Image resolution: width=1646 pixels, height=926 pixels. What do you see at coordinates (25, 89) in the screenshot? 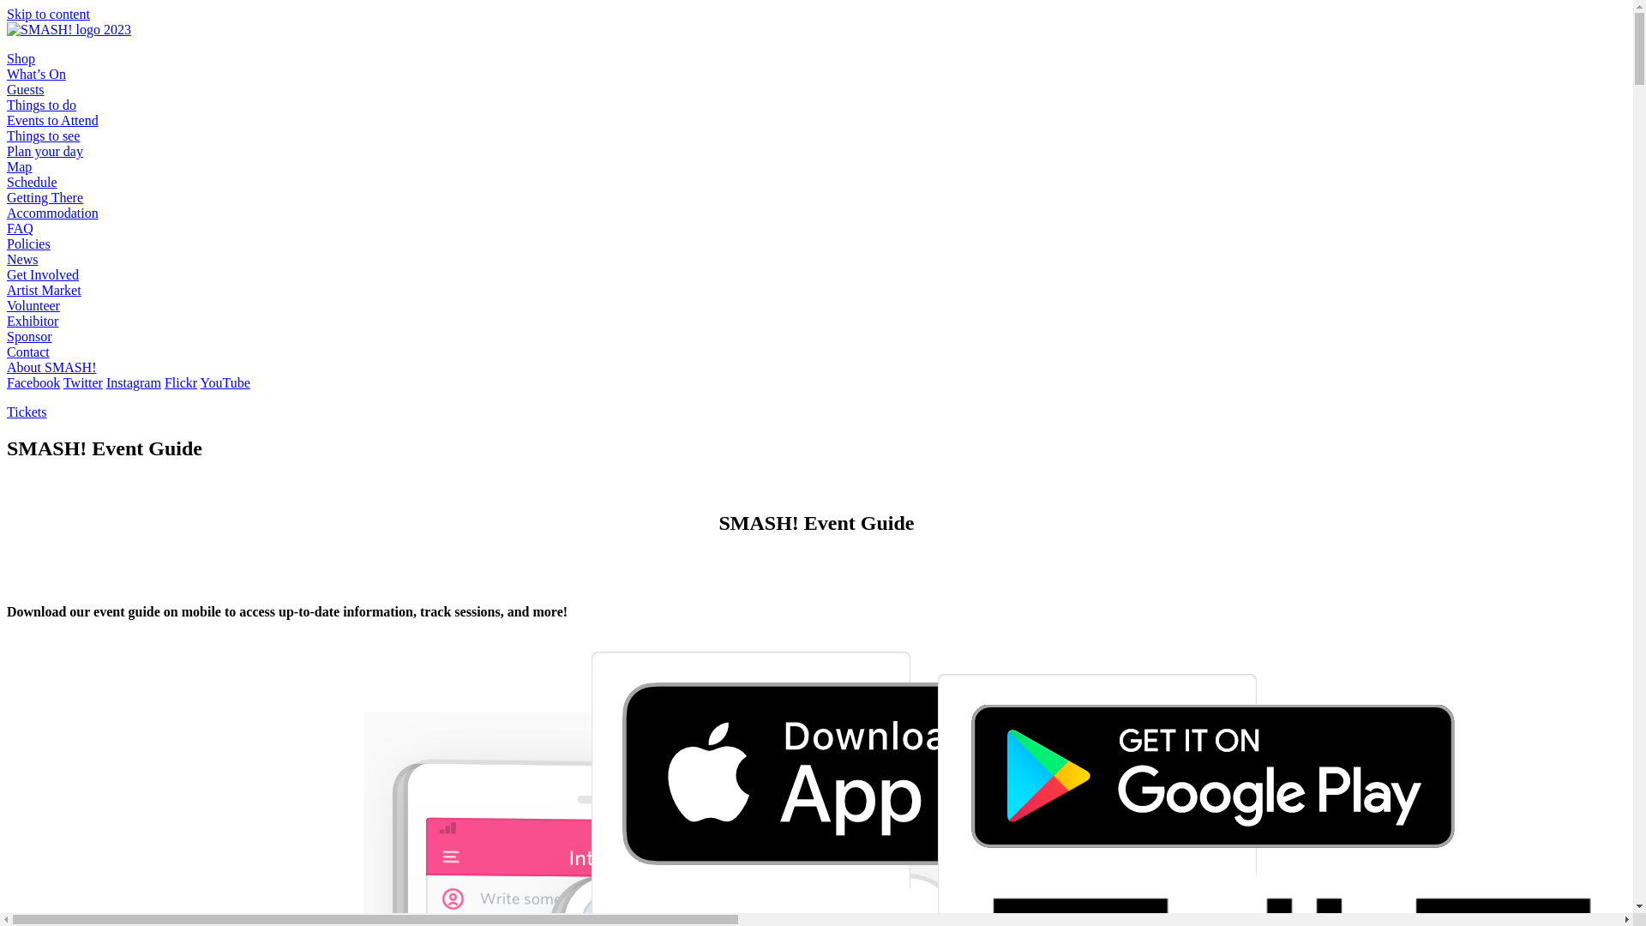
I see `'Guests'` at bounding box center [25, 89].